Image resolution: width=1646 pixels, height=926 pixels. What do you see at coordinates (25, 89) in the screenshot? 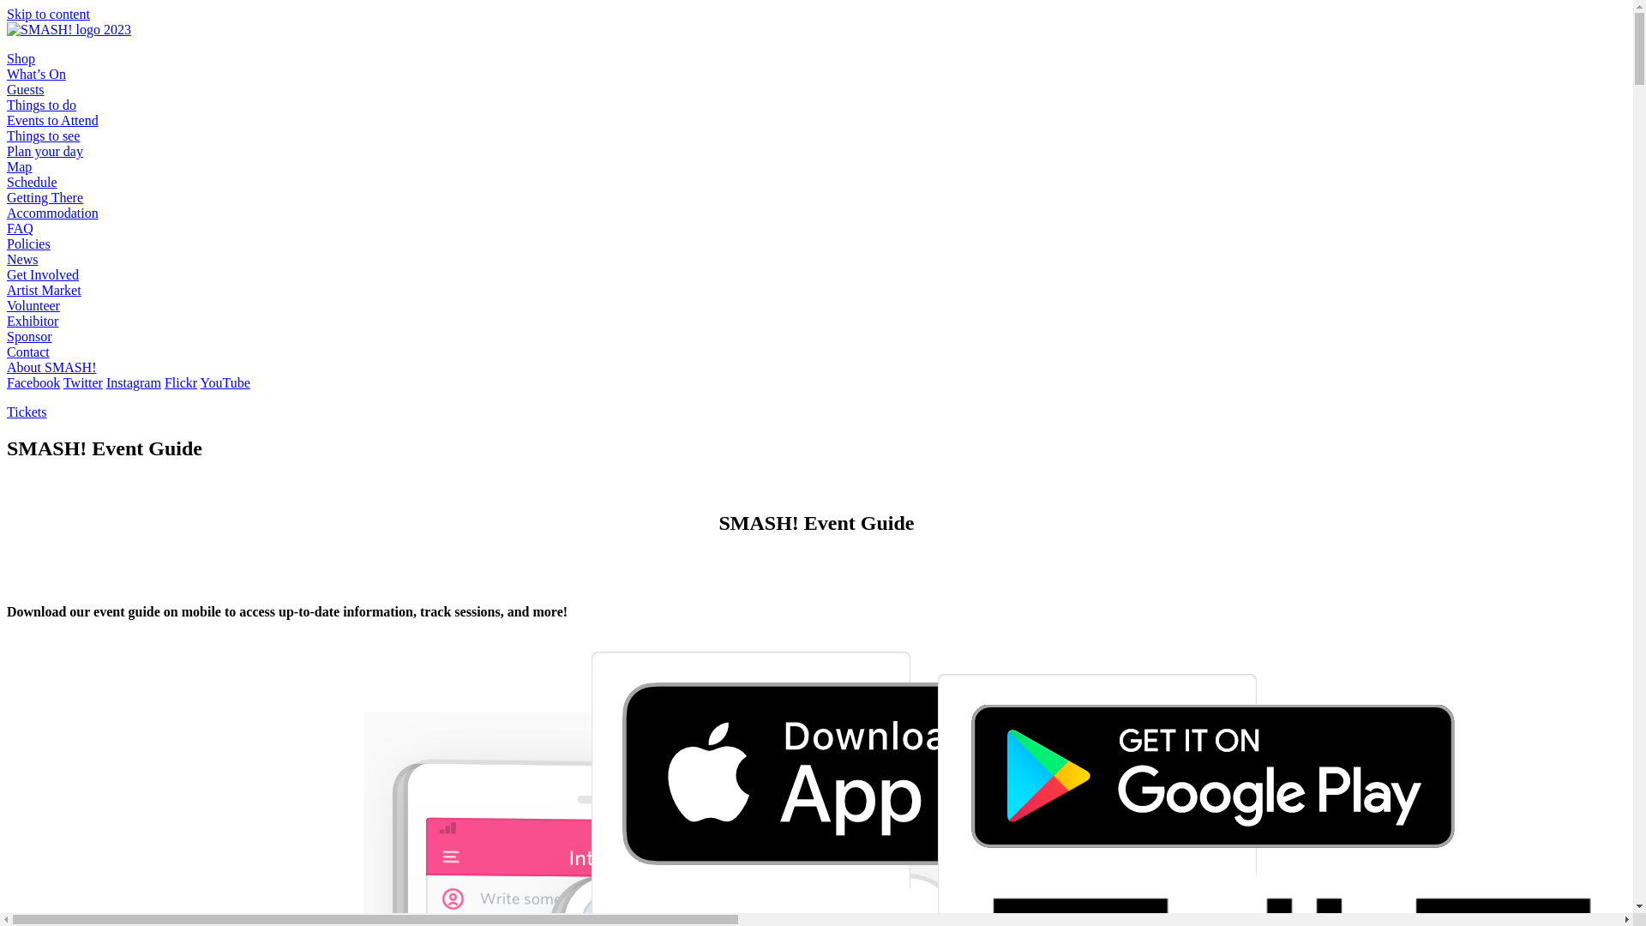
I see `'Guests'` at bounding box center [25, 89].